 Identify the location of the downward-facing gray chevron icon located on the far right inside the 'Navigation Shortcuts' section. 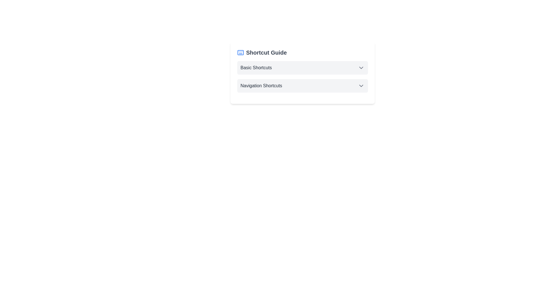
(361, 86).